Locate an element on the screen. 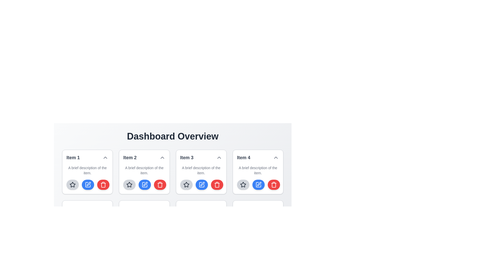 This screenshot has height=276, width=491. the favorite button located under 'Item 2' is located at coordinates (129, 185).